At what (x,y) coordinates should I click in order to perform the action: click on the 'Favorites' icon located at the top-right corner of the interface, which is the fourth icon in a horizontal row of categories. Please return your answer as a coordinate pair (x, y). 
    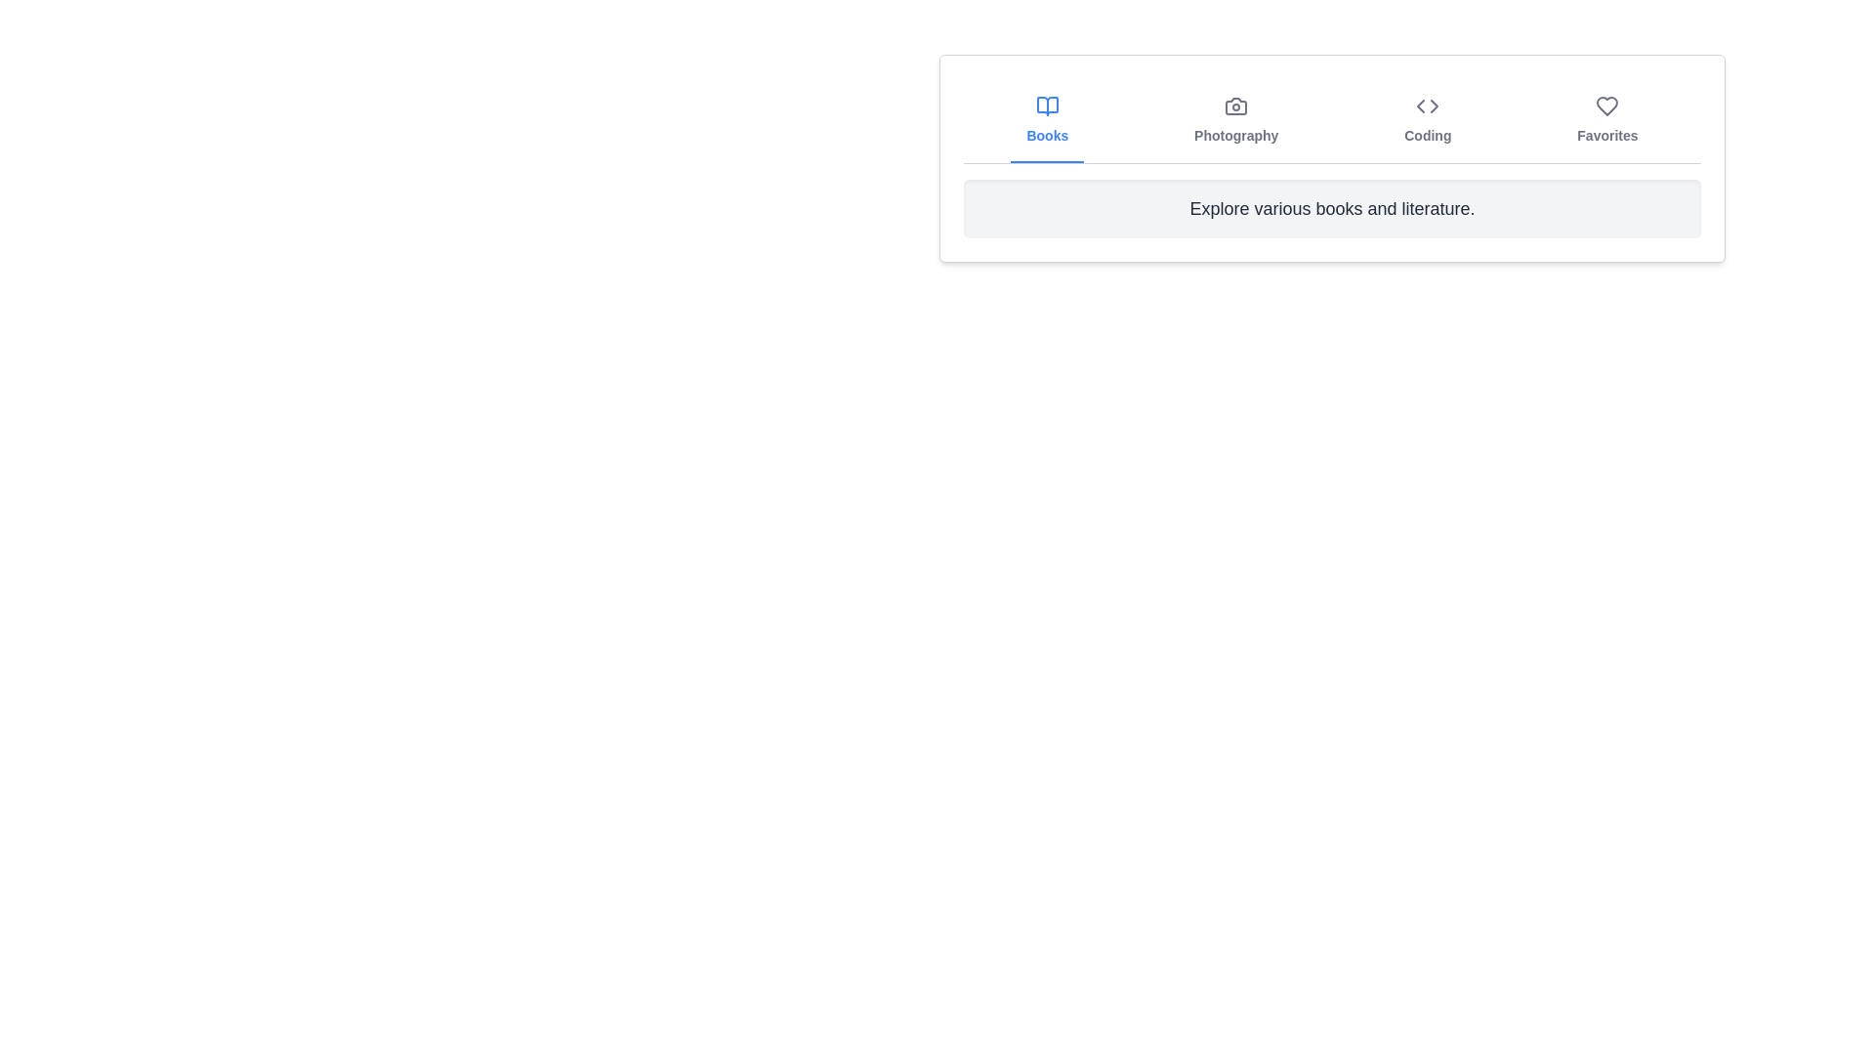
    Looking at the image, I should click on (1607, 105).